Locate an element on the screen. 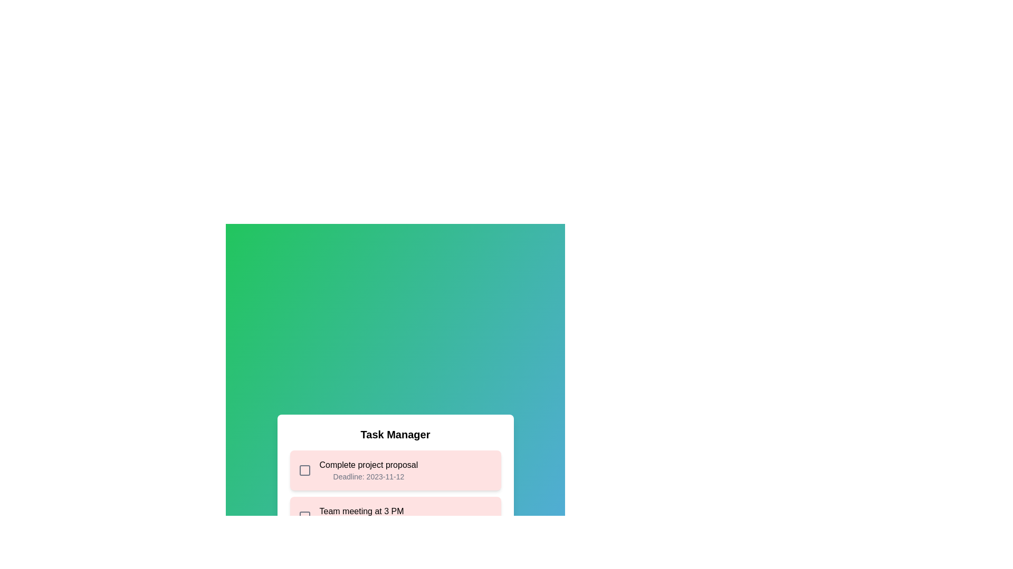 This screenshot has width=1013, height=569. the checkbox located to the left of the 'Complete project proposal' text is located at coordinates (304, 470).